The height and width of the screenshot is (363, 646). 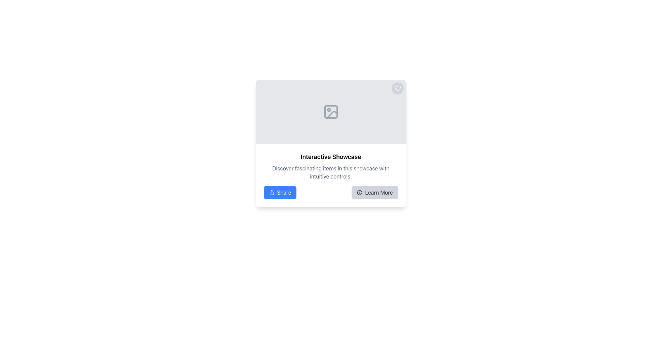 What do you see at coordinates (397, 88) in the screenshot?
I see `the heart-shaped icon located in the top-right corner of the main content card` at bounding box center [397, 88].